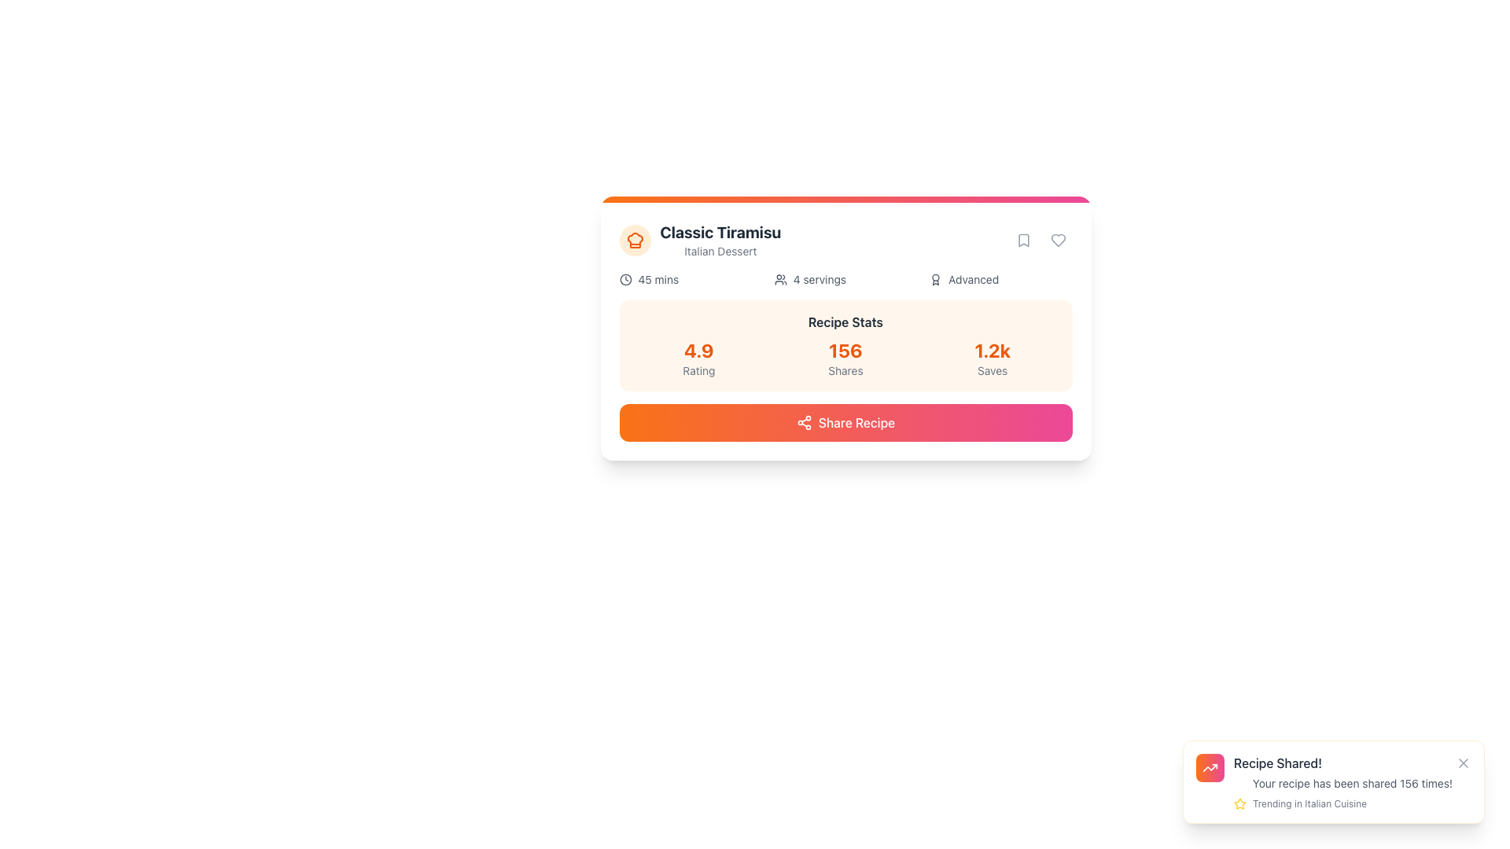  I want to click on the clock icon that visually represents the time duration associated with the recipe, located near the top-left area of the component before the text '45 mins', so click(624, 278).